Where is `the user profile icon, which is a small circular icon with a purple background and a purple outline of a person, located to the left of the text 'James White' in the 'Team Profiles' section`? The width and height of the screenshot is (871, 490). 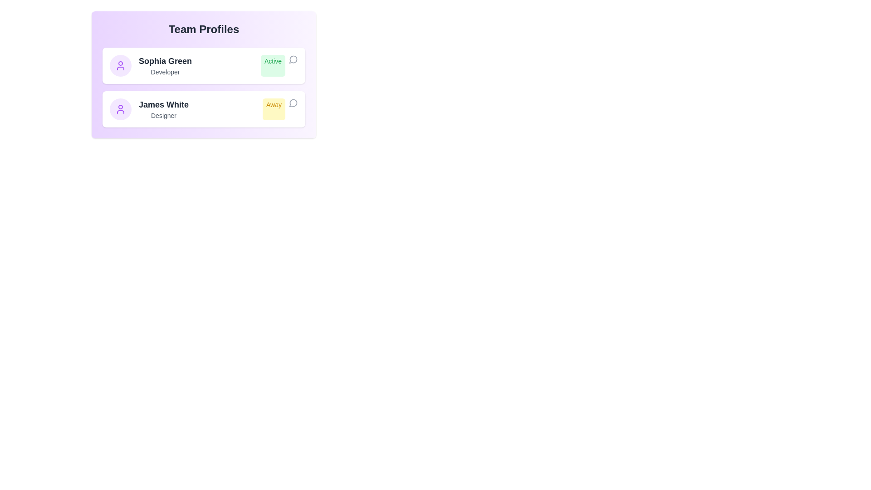
the user profile icon, which is a small circular icon with a purple background and a purple outline of a person, located to the left of the text 'James White' in the 'Team Profiles' section is located at coordinates (120, 108).